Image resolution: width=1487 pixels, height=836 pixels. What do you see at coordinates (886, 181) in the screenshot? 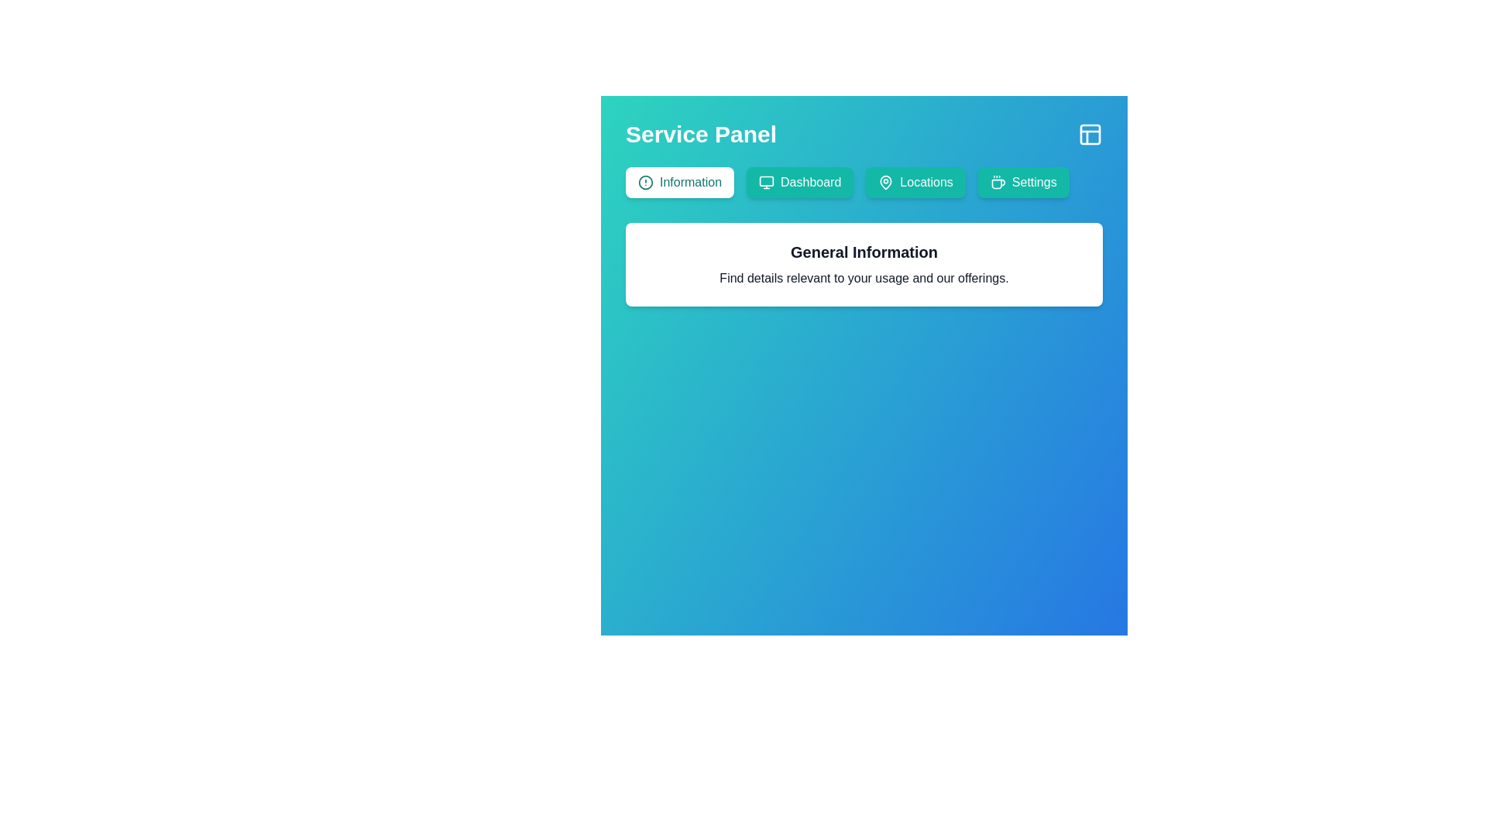
I see `the teal pin-like icon located on the left part of the 'Locations' button in the top menu bar` at bounding box center [886, 181].